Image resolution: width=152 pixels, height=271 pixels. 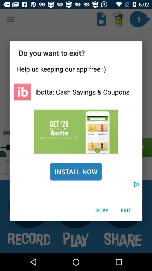 What do you see at coordinates (82, 92) in the screenshot?
I see `ibotta cash savings` at bounding box center [82, 92].